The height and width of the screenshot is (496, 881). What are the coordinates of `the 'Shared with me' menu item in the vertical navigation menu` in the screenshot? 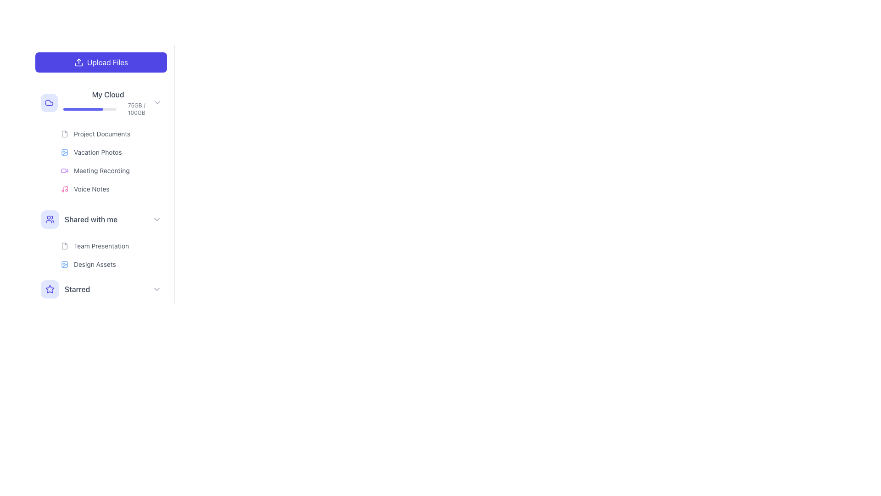 It's located at (79, 220).